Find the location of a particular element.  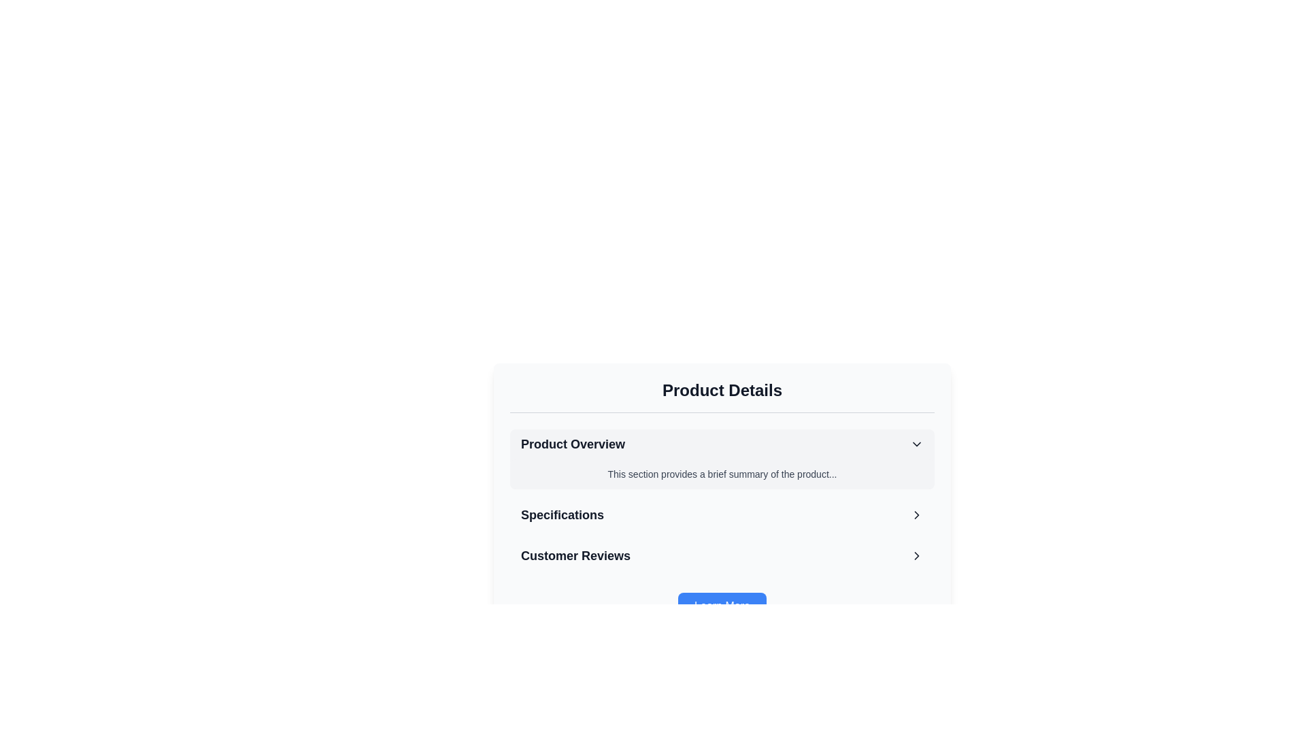

text label displaying 'Specifications', which is bold and prominently positioned between 'Product Overview' and 'Customer Reviews' is located at coordinates (562, 514).